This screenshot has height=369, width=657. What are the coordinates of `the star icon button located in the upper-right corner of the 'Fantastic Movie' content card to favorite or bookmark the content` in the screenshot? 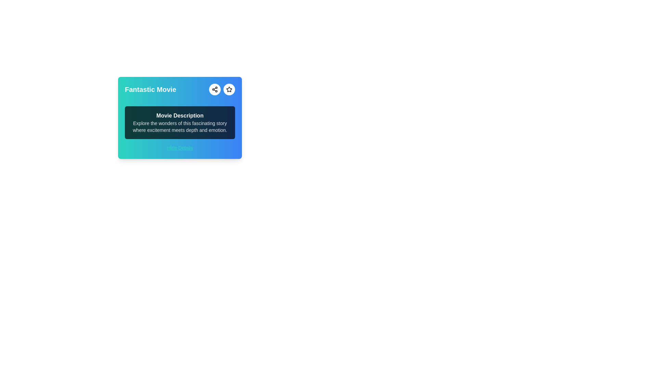 It's located at (229, 89).